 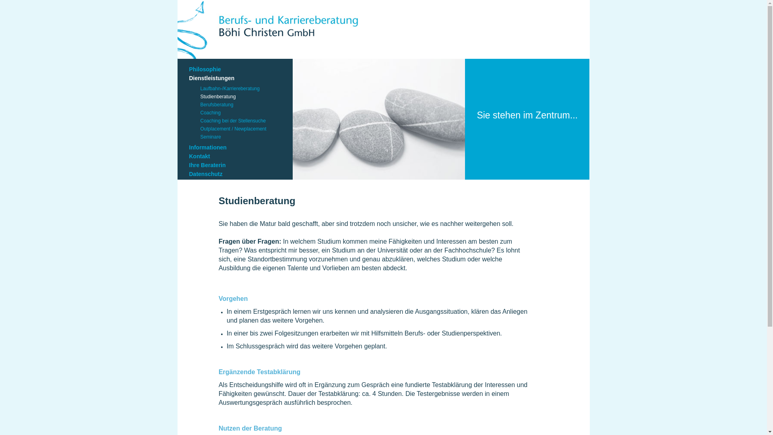 I want to click on 'Informationen', so click(x=185, y=147).